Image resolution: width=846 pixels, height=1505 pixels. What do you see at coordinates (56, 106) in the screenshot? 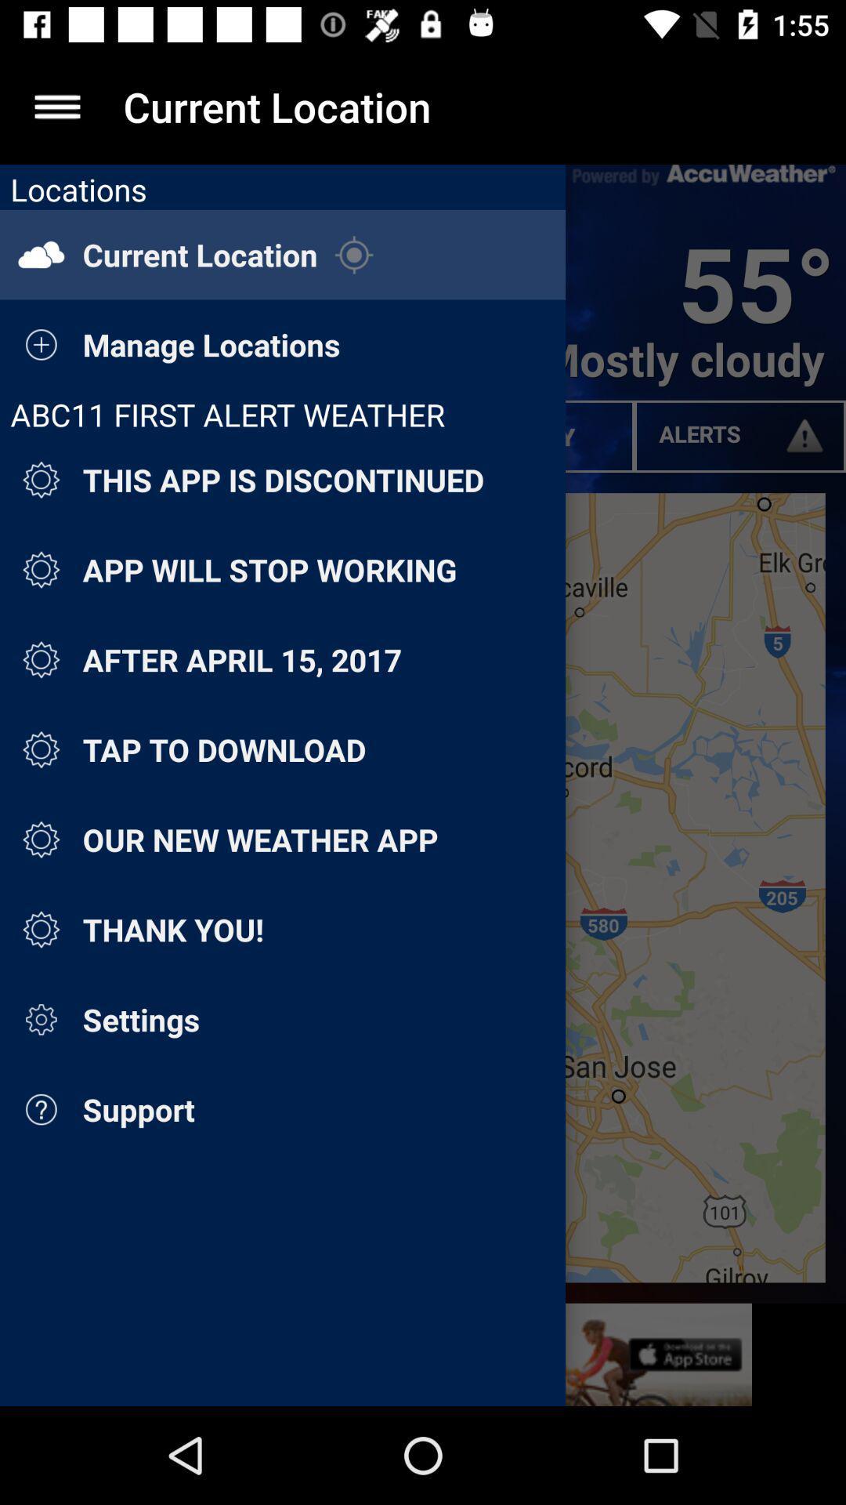
I see `the menu icon` at bounding box center [56, 106].